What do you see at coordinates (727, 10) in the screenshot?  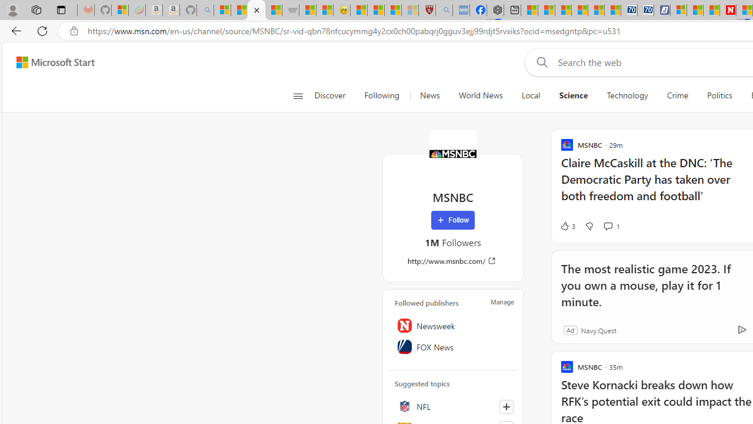 I see `'Newsweek - News, Analysis, Politics, Business, Technology'` at bounding box center [727, 10].